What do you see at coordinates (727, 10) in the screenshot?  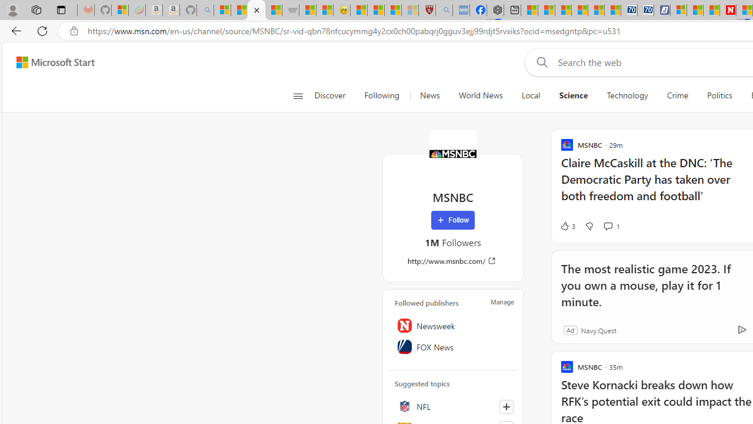 I see `'Newsweek - News, Analysis, Politics, Business, Technology'` at bounding box center [727, 10].